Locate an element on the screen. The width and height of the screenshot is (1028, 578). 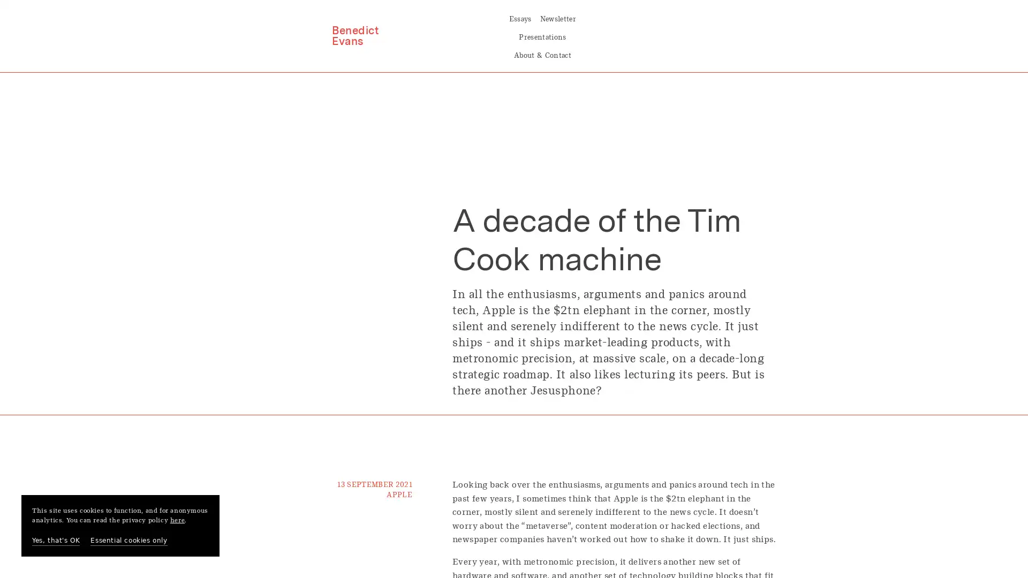
Essential cookies only is located at coordinates (128, 541).